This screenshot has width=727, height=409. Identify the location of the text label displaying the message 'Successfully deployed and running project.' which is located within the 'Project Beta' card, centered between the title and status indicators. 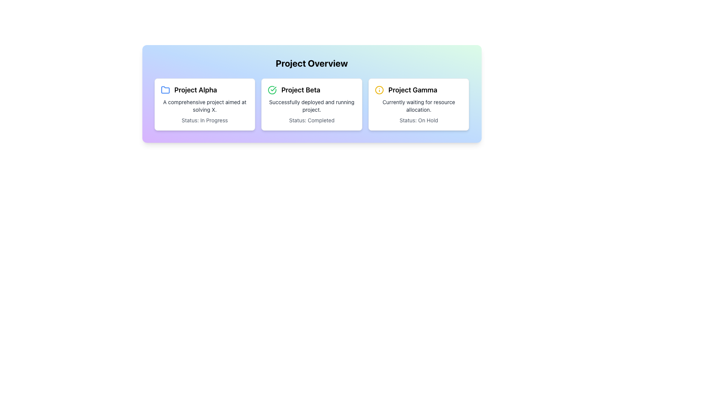
(312, 106).